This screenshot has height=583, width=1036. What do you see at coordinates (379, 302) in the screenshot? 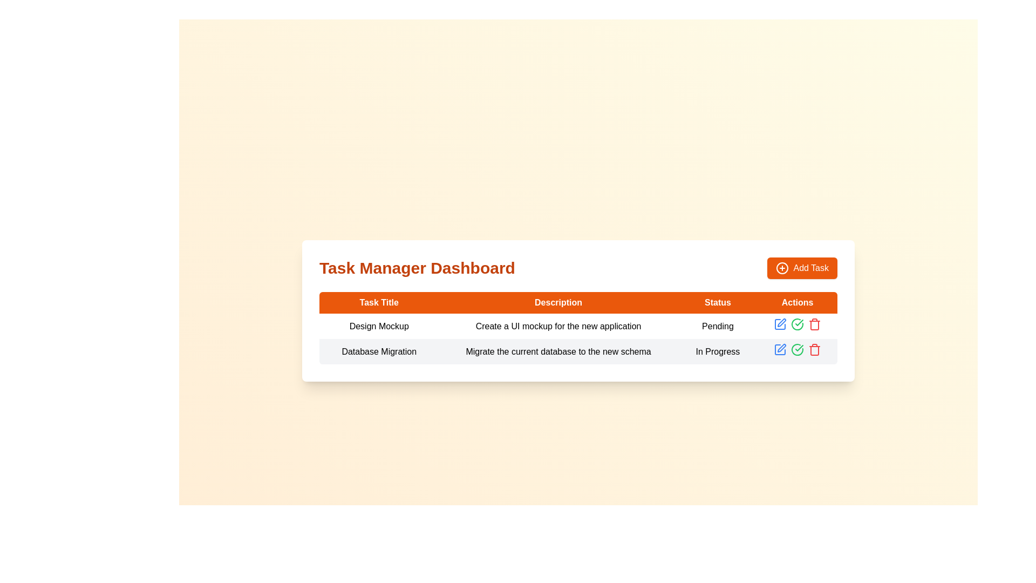
I see `the Header Label with the vivid orange background and white text reading 'Task Title', which is the first column in the header row of the task list table` at bounding box center [379, 302].